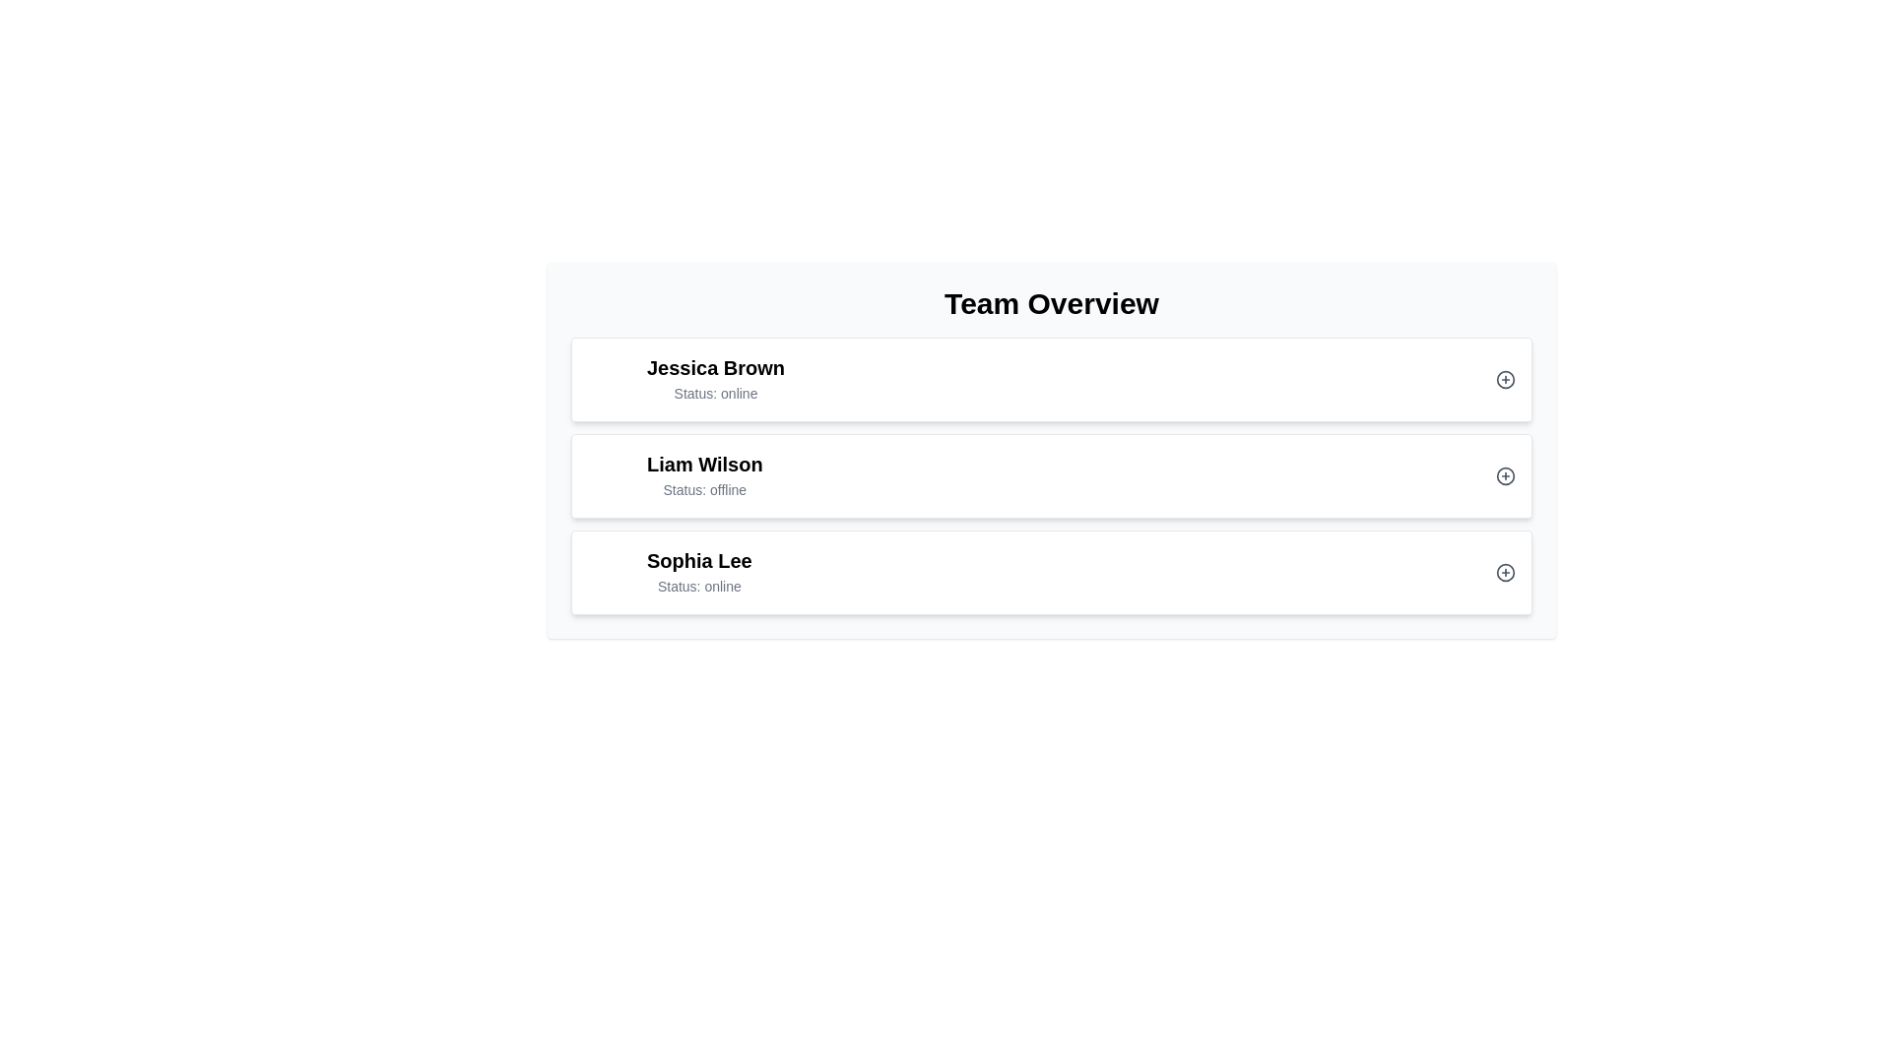 This screenshot has width=1891, height=1063. Describe the element at coordinates (1505, 475) in the screenshot. I see `the action button for the 'Liam Wilson' entry` at that location.